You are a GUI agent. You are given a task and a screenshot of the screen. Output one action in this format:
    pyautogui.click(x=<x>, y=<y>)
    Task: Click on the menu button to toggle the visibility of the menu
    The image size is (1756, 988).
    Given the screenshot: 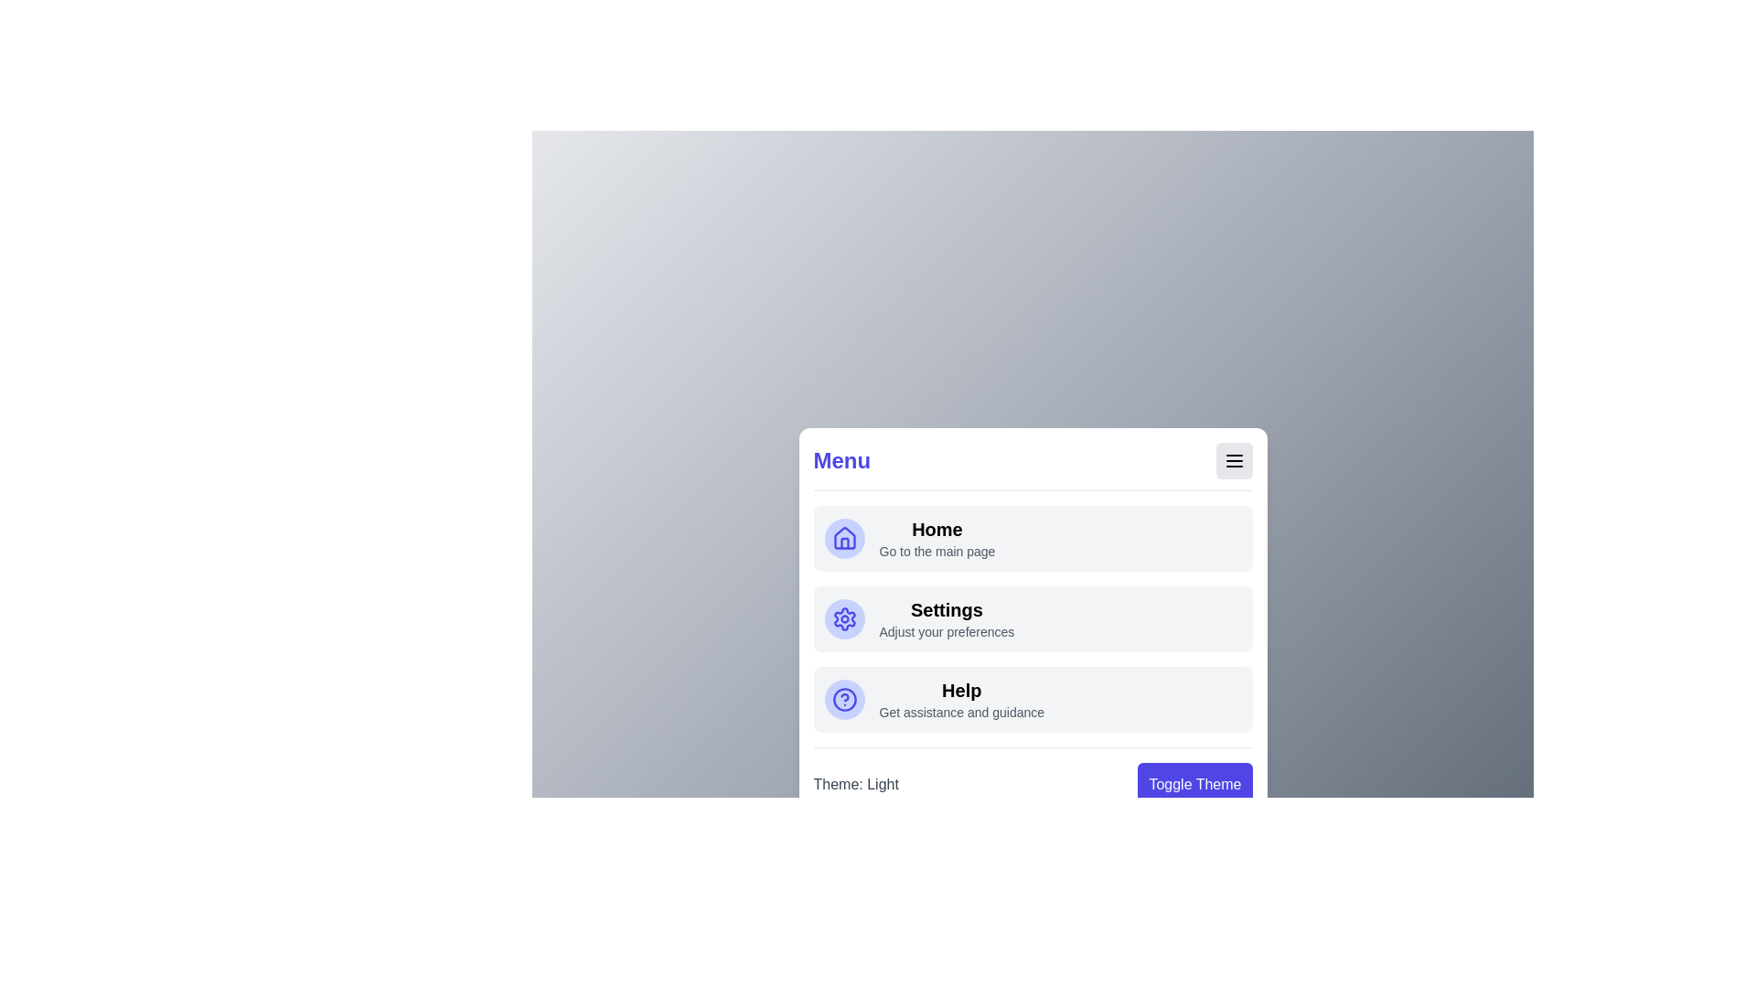 What is the action you would take?
    pyautogui.click(x=1234, y=460)
    